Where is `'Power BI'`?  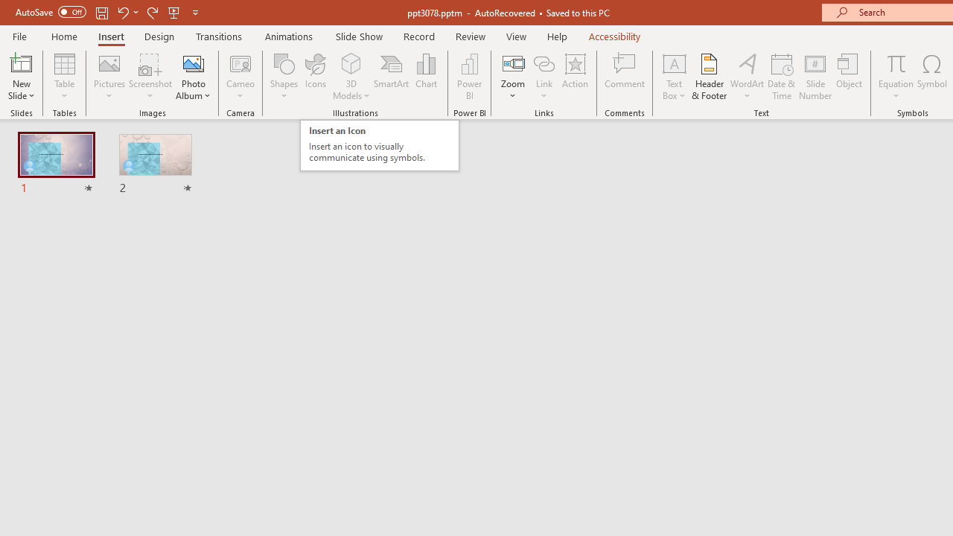
'Power BI' is located at coordinates (469, 77).